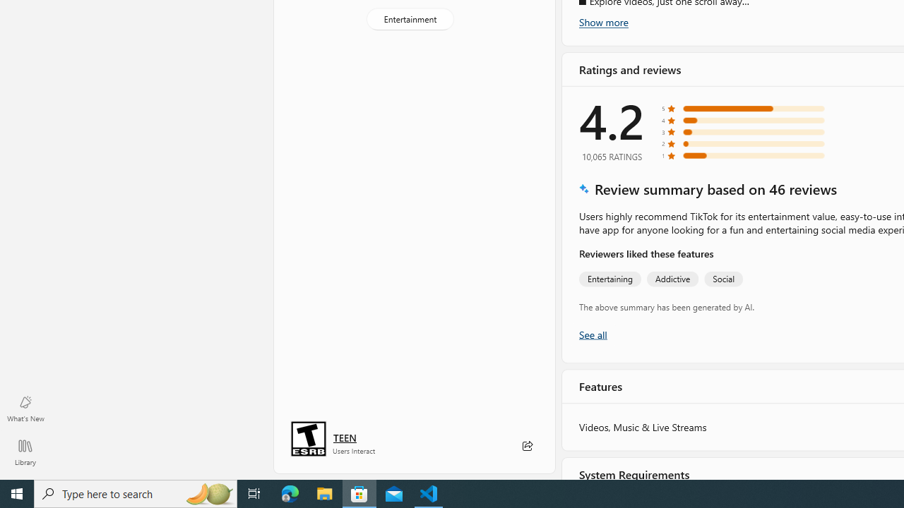 The image size is (904, 508). Describe the element at coordinates (25, 408) in the screenshot. I see `'What'` at that location.